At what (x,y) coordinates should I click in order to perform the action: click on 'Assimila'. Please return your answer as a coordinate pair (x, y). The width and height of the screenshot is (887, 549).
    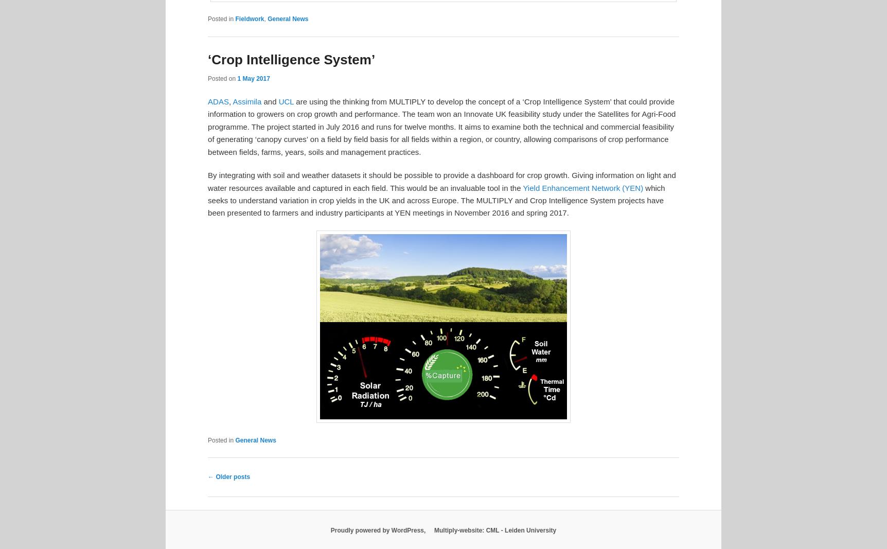
    Looking at the image, I should click on (248, 101).